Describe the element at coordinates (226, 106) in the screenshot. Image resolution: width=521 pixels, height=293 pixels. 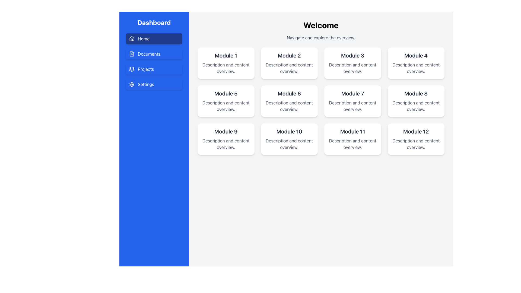
I see `static text displaying 'Description and content overview.' located inside the fifth card labeled 'Module 5' in the grid layout` at that location.